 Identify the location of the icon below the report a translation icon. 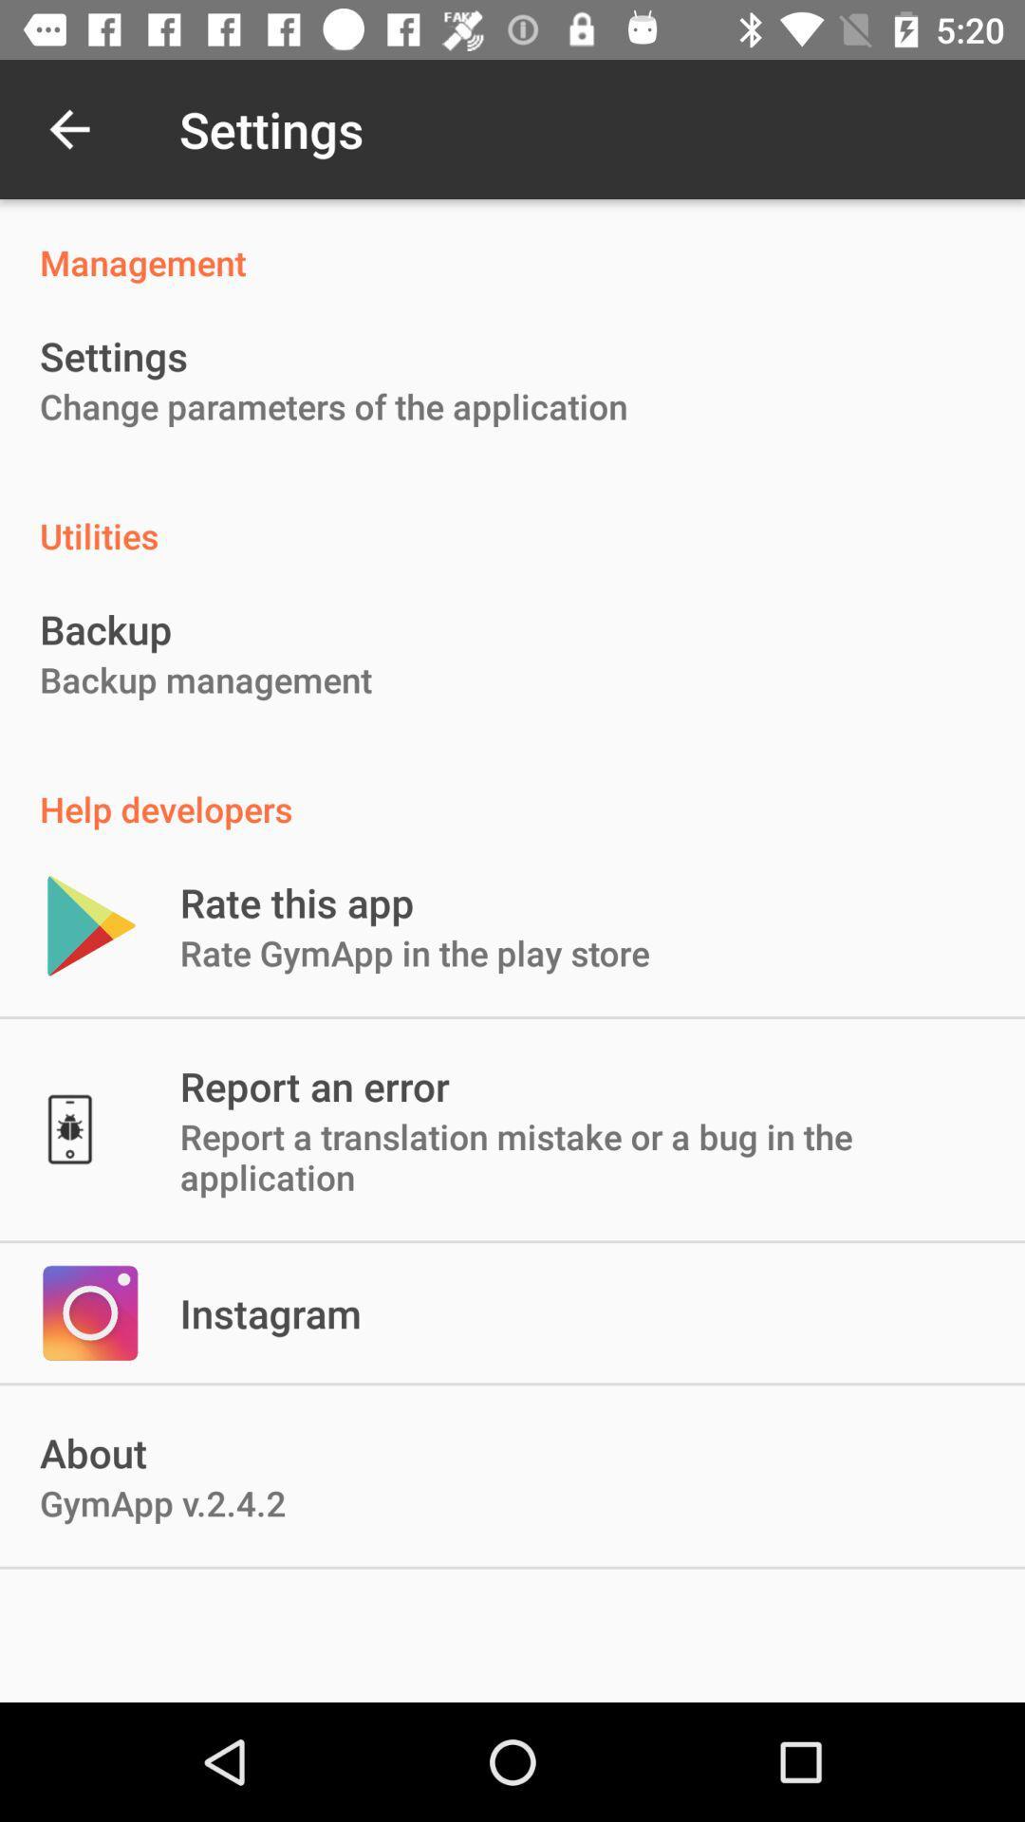
(270, 1311).